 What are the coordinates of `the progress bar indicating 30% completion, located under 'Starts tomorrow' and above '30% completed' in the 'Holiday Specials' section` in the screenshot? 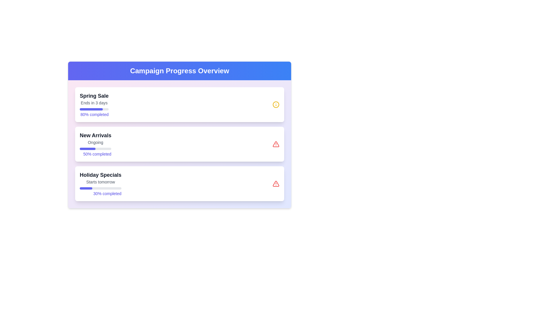 It's located at (100, 188).